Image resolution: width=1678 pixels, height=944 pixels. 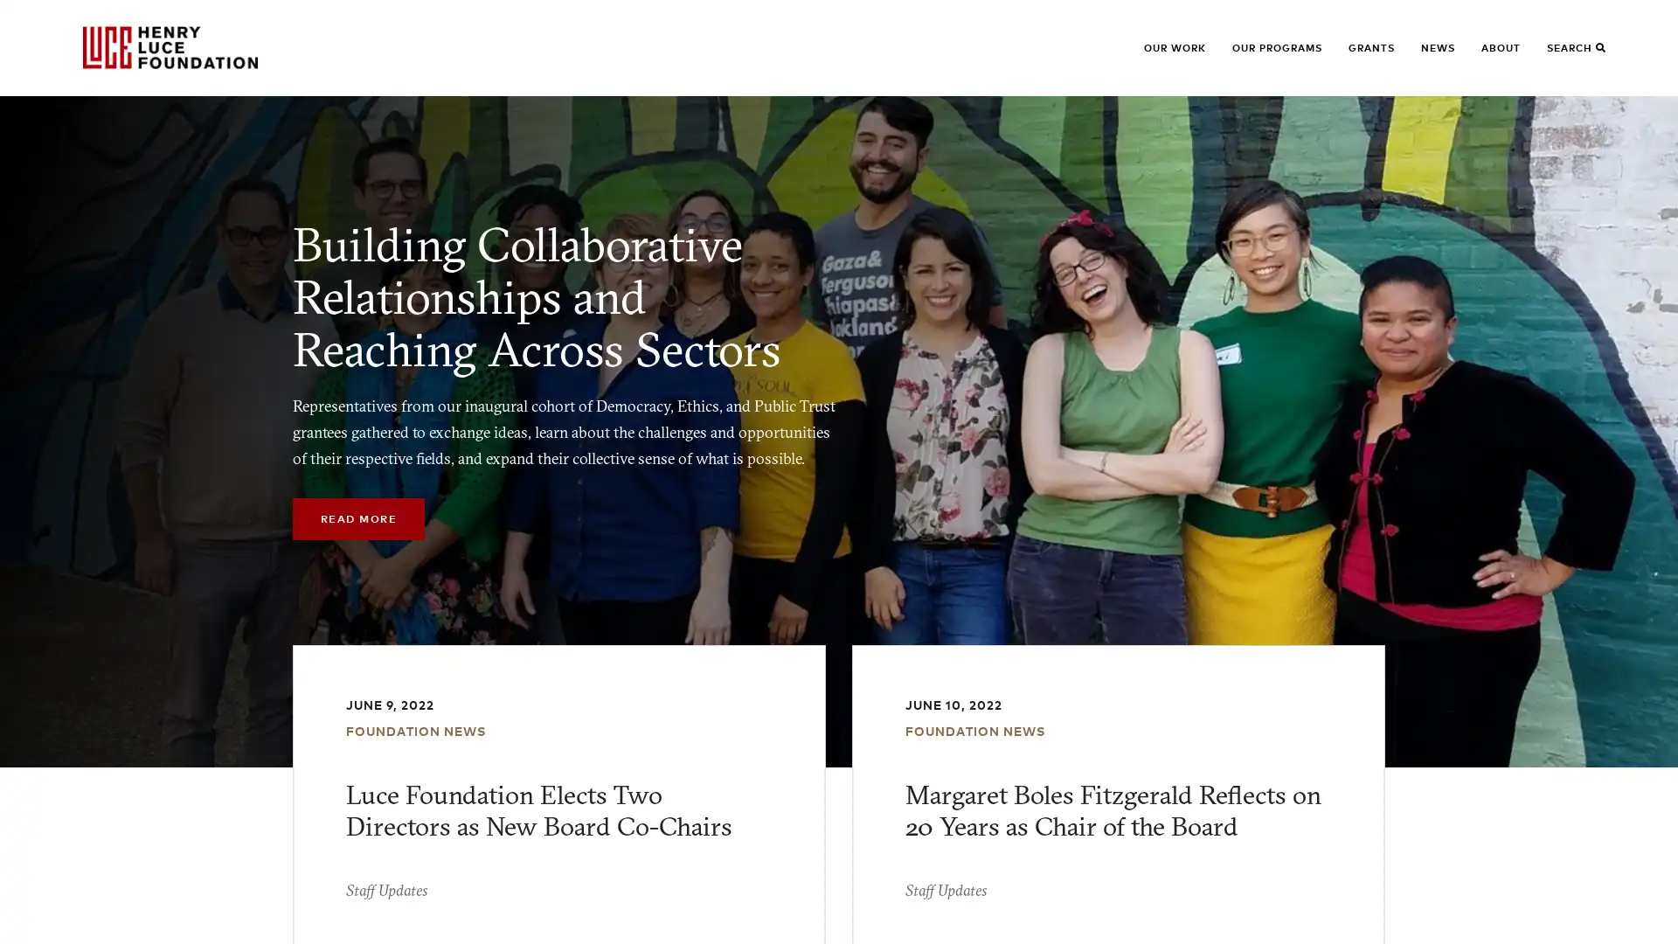 What do you see at coordinates (1171, 55) in the screenshot?
I see `SHOW SUBMENU FOR OUR WORK` at bounding box center [1171, 55].